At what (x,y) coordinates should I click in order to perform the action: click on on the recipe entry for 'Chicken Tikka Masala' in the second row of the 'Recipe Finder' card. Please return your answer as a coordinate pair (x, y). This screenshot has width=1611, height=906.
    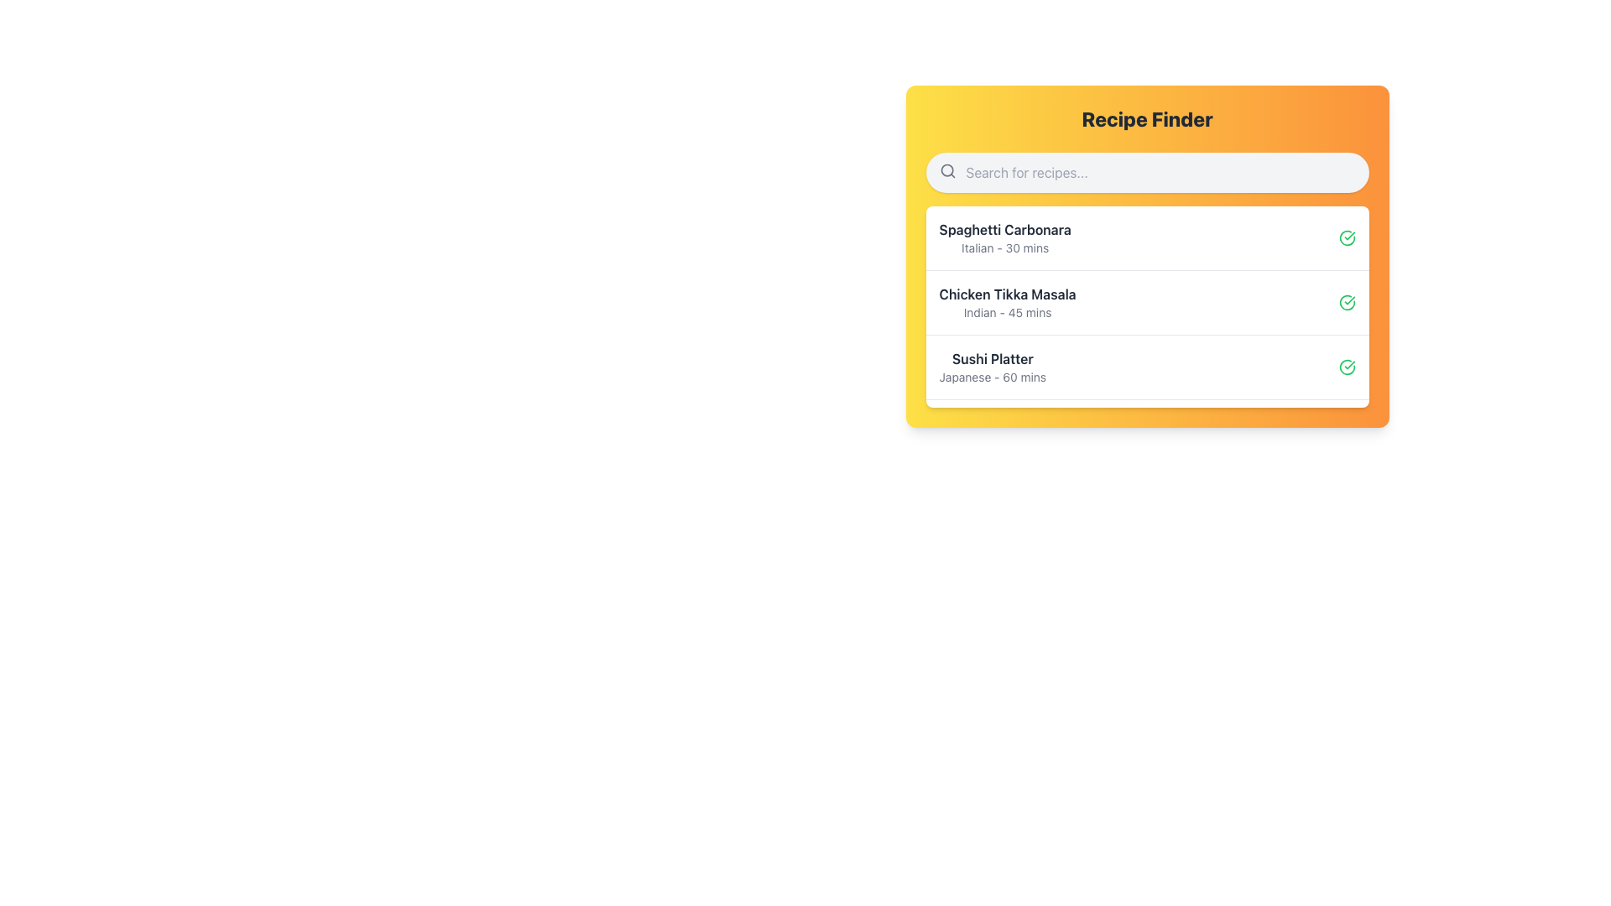
    Looking at the image, I should click on (1007, 303).